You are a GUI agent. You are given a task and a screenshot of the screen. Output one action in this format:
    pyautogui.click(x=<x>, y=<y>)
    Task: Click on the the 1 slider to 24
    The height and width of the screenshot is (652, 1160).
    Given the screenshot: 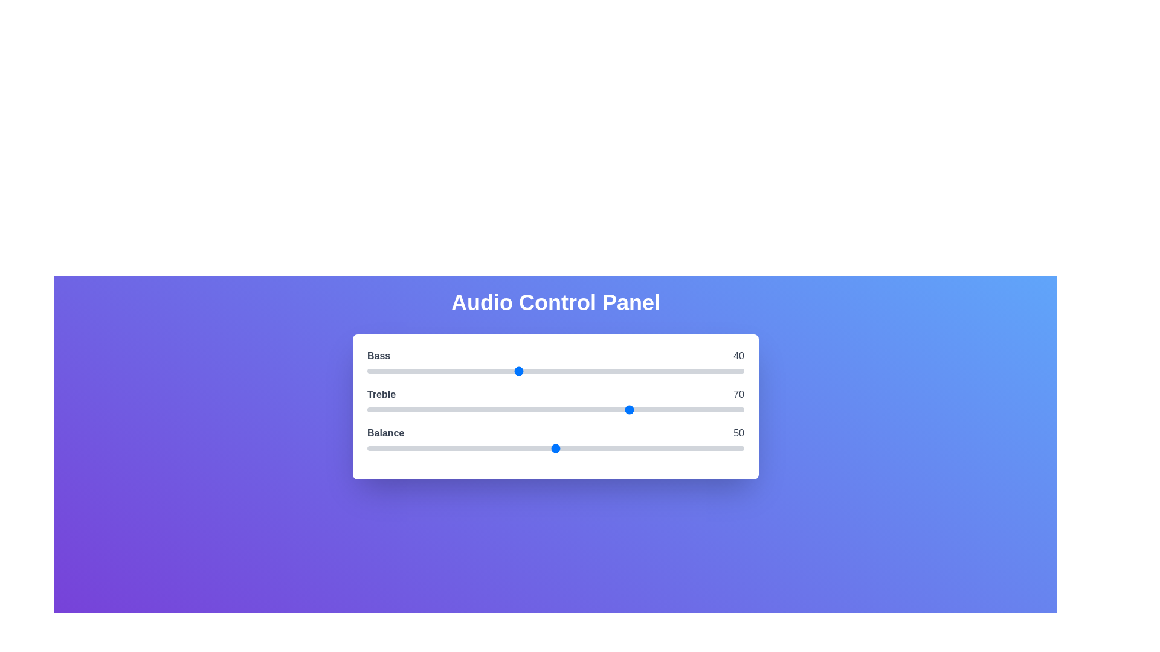 What is the action you would take?
    pyautogui.click(x=457, y=409)
    